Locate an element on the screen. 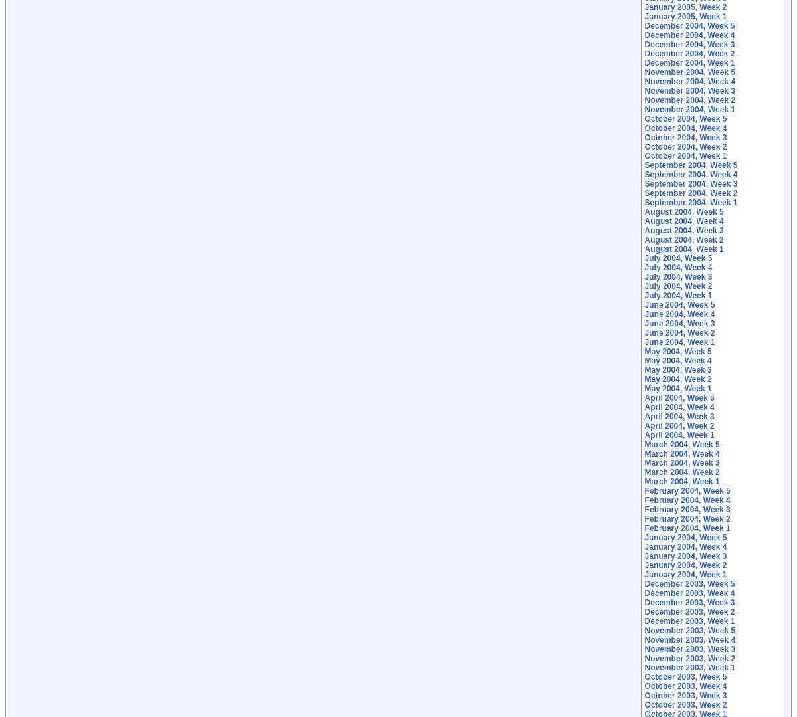 This screenshot has height=717, width=797. 'March 2004, Week 3' is located at coordinates (681, 463).